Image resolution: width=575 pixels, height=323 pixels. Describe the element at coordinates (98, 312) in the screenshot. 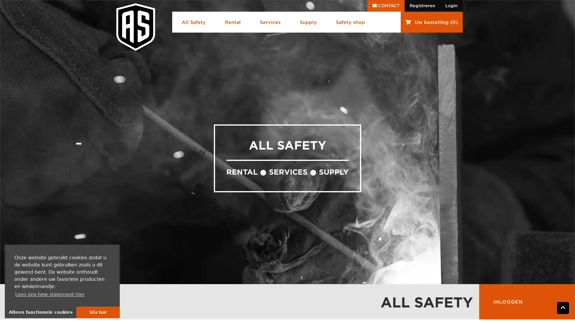

I see `allow cookies` at that location.